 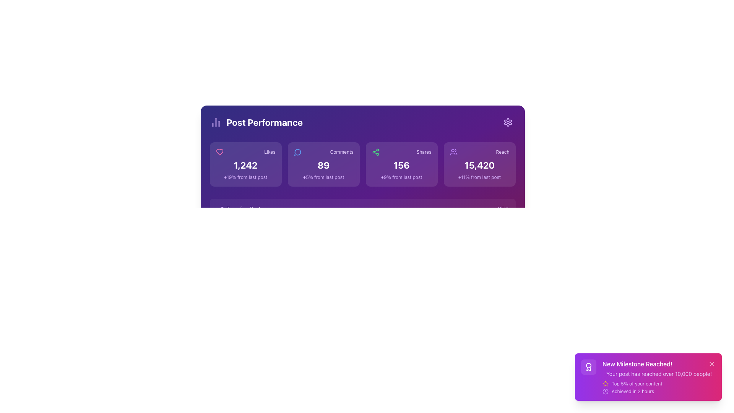 What do you see at coordinates (605, 384) in the screenshot?
I see `the decorative or indicative icon located in the bottom-right corner of the interface, next to the 'New Milestone Reached!' notification panel and to the left of the close button ('X')` at bounding box center [605, 384].